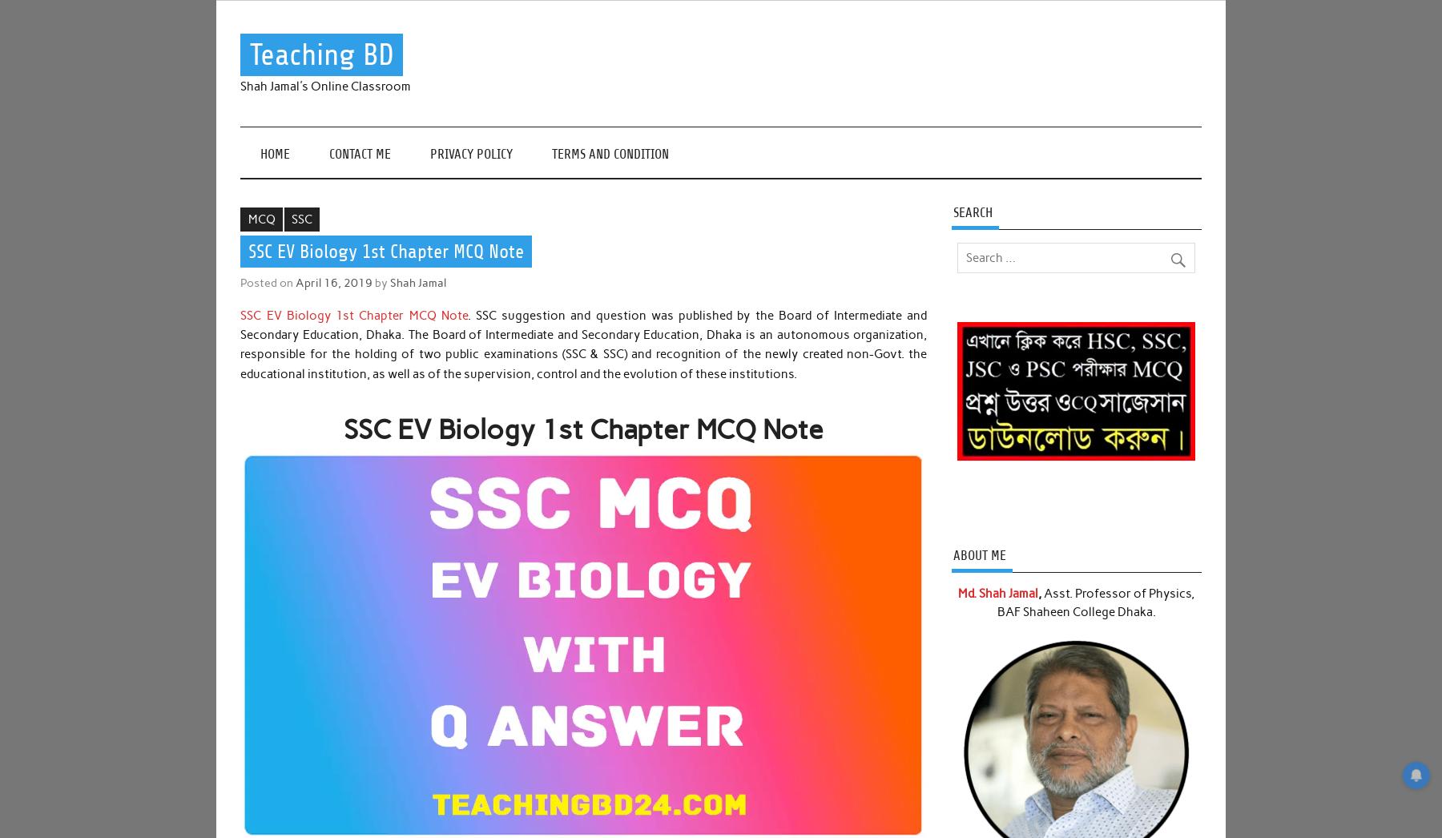 This screenshot has height=838, width=1442. Describe the element at coordinates (417, 280) in the screenshot. I see `'Shah Jamal'` at that location.